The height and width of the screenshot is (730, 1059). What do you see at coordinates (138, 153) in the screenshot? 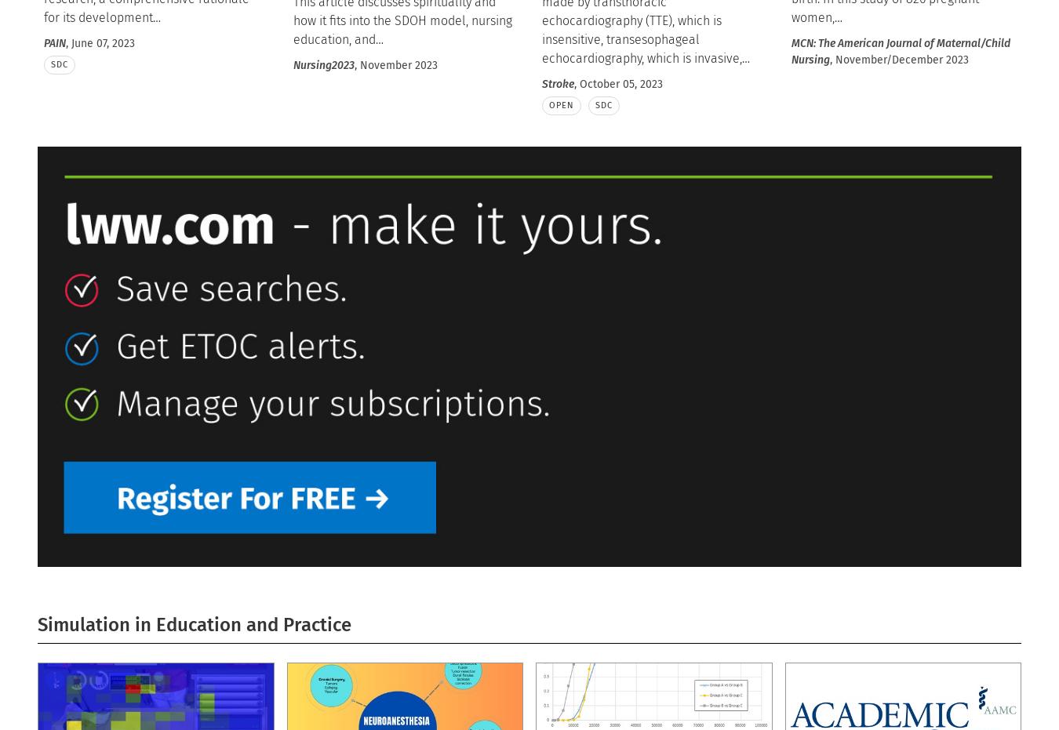
I see `'October 31, 2023'` at bounding box center [138, 153].